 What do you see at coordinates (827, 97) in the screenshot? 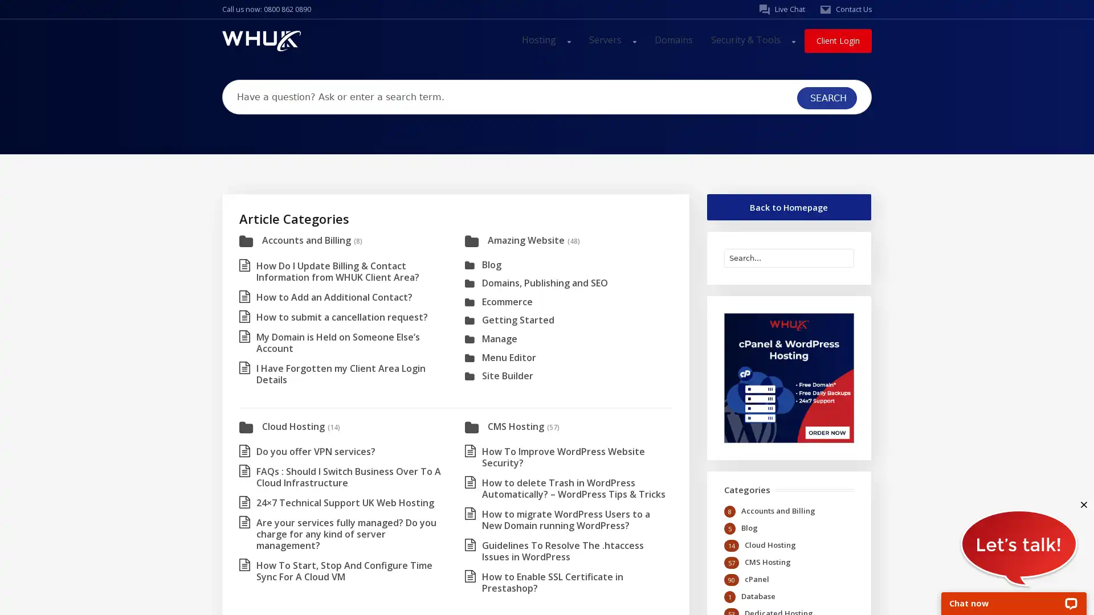
I see `SEARCH` at bounding box center [827, 97].